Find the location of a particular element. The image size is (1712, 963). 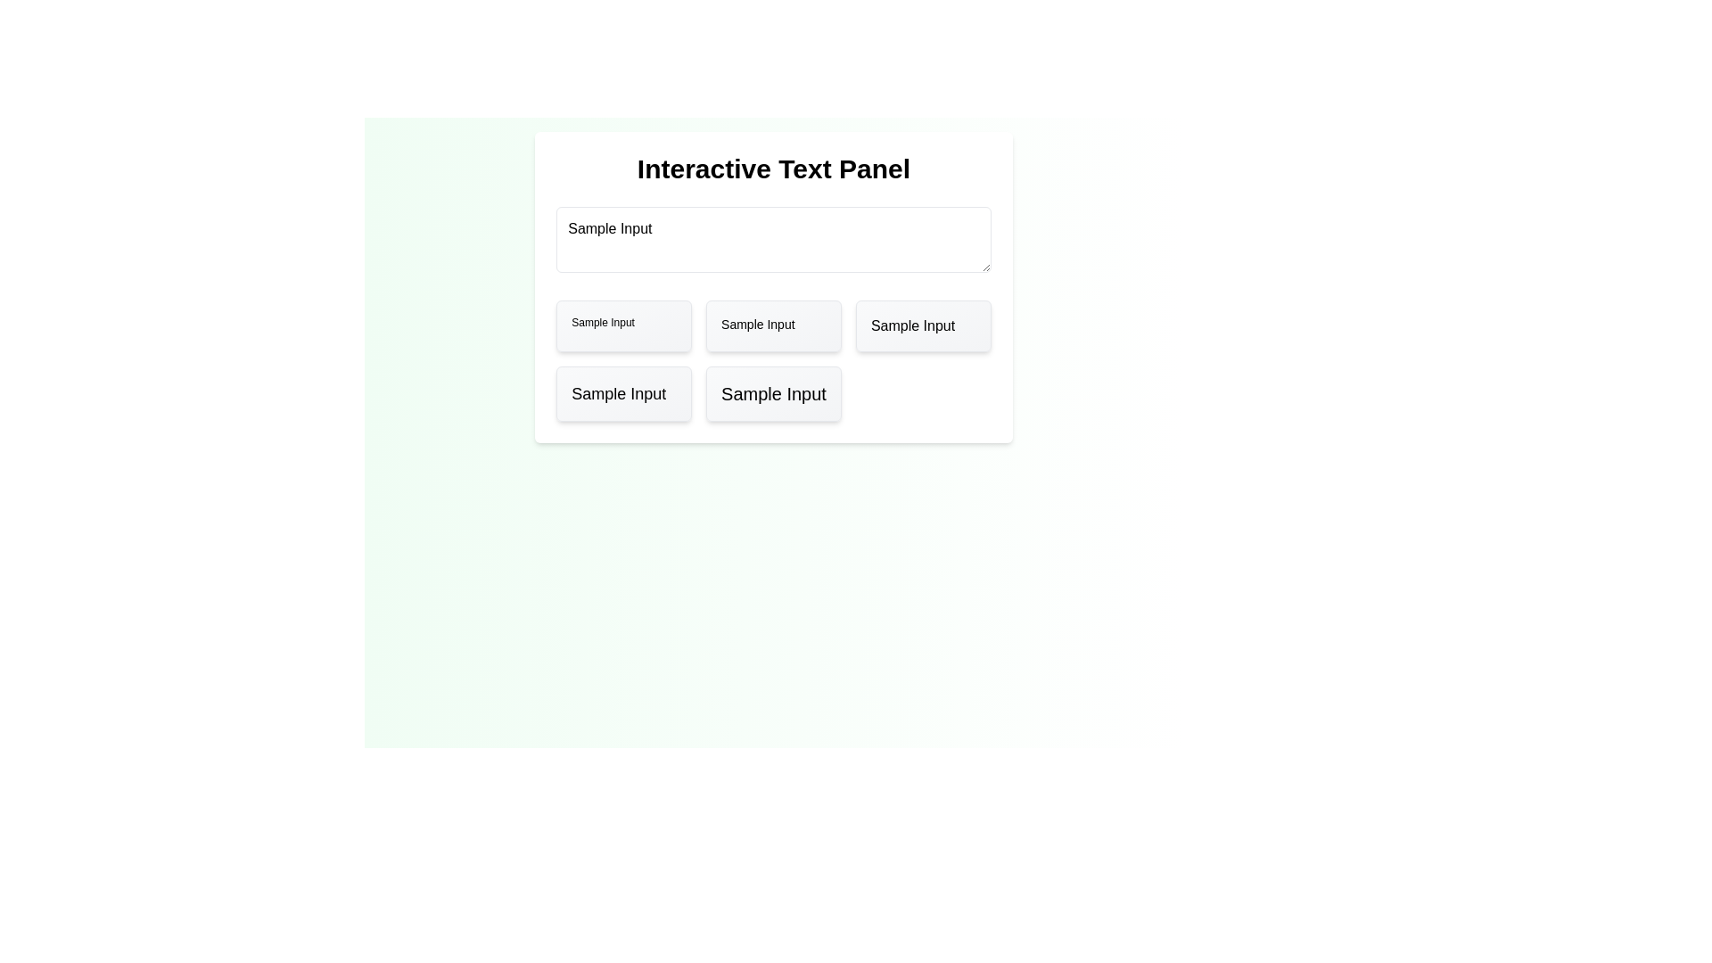

the static text card displaying 'Sample Input', positioned in the third column of the second row, which is the ninth visible card in the grid layout is located at coordinates (774, 393).